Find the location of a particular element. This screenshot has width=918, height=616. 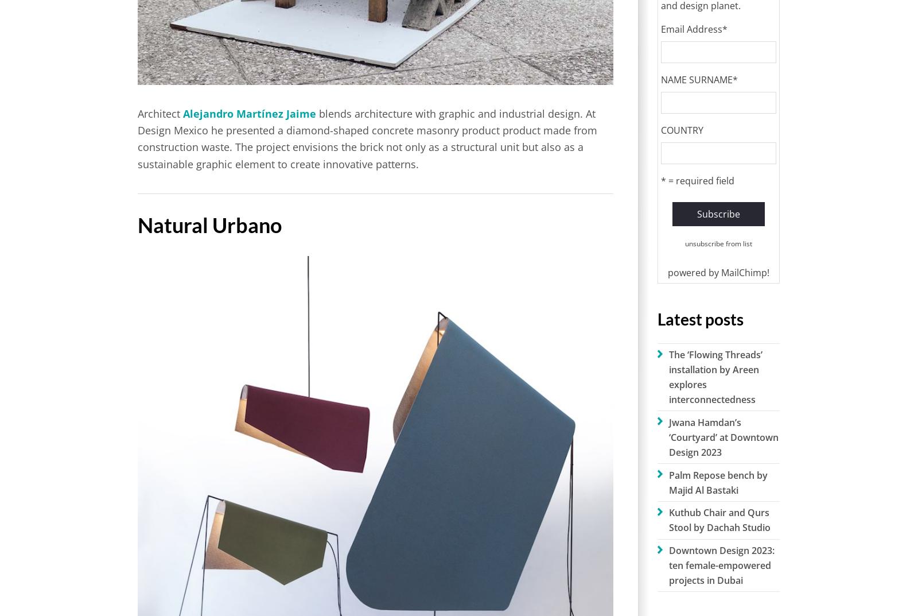

'!' is located at coordinates (767, 272).